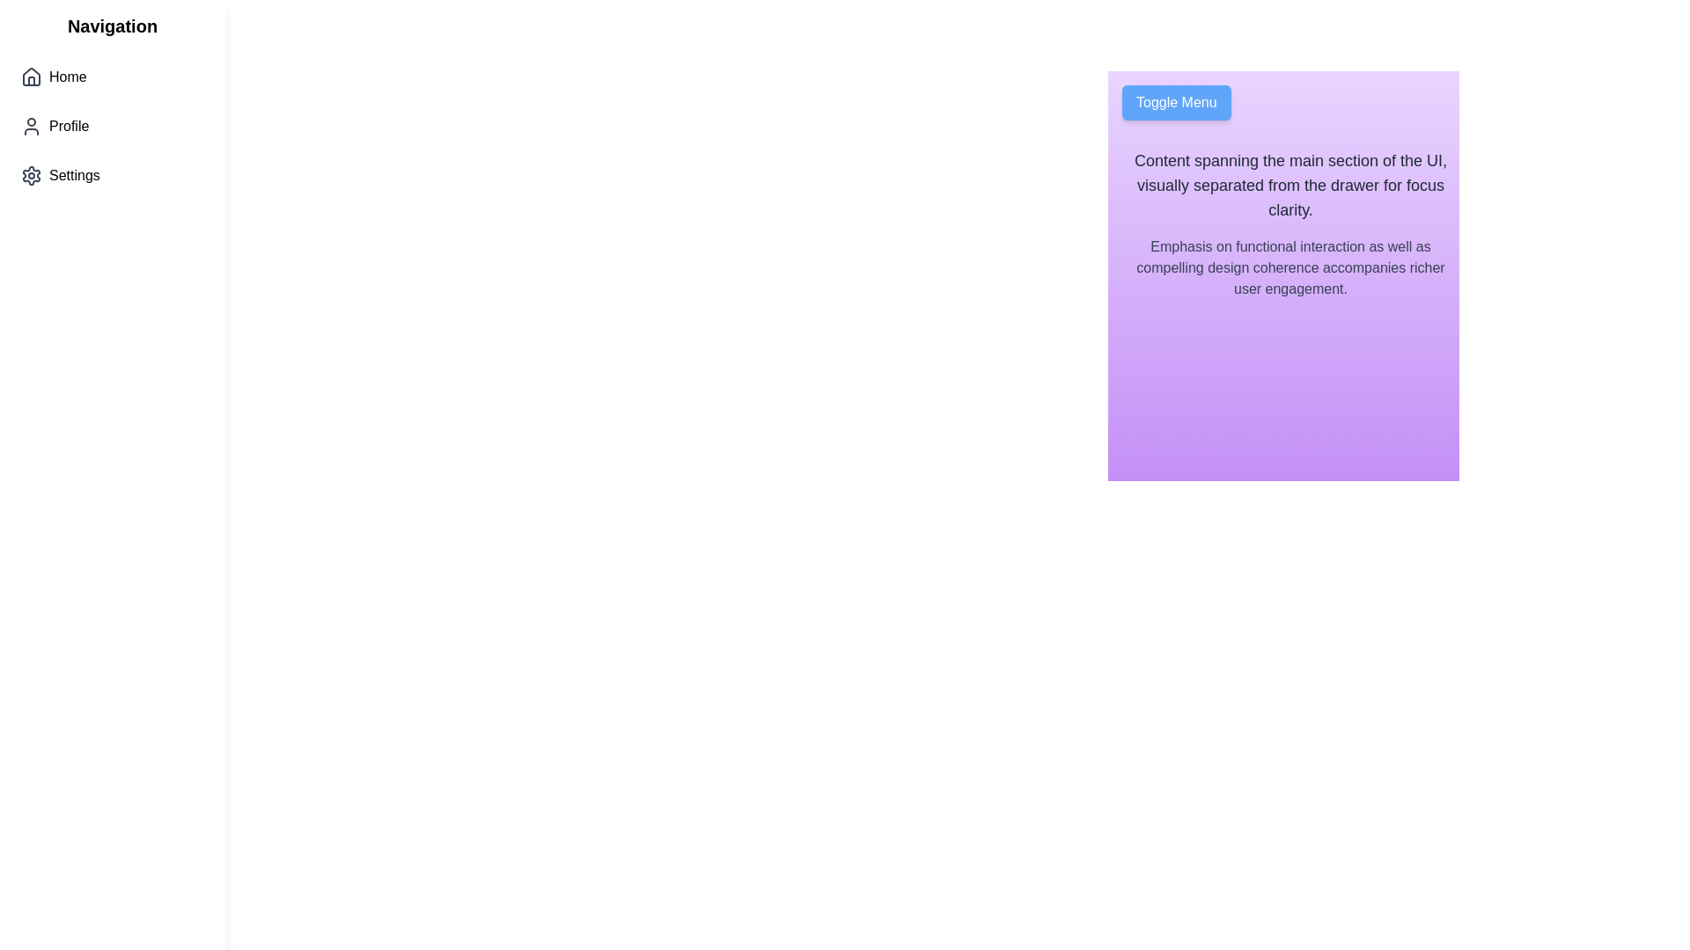 This screenshot has width=1690, height=950. I want to click on the bottom rectangular doorway of the house-shaped icon in the left vertical navigation menu, so click(31, 81).